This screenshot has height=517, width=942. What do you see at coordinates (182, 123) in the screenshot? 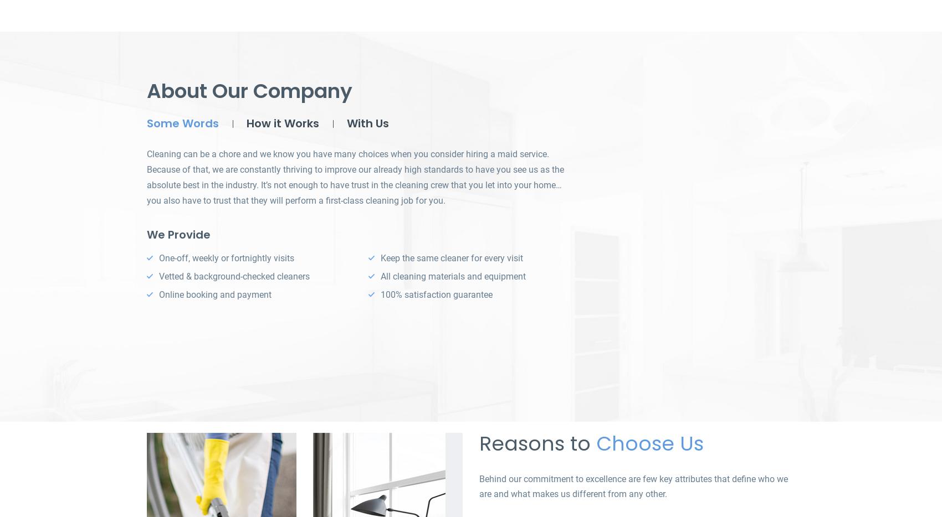
I see `'Some Words'` at bounding box center [182, 123].